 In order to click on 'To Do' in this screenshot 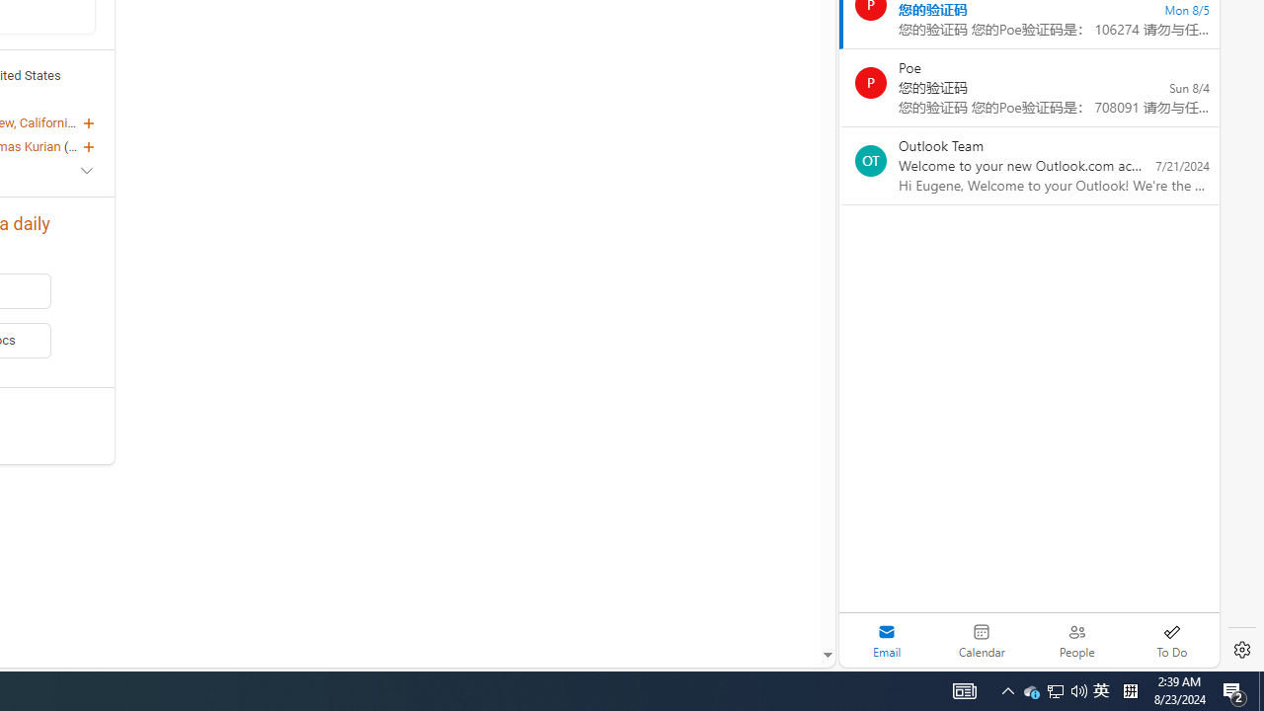, I will do `click(1171, 640)`.